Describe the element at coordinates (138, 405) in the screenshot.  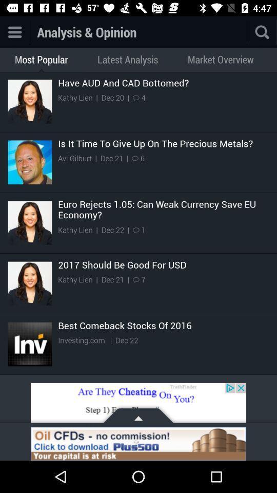
I see `advertisement in the bottom` at that location.